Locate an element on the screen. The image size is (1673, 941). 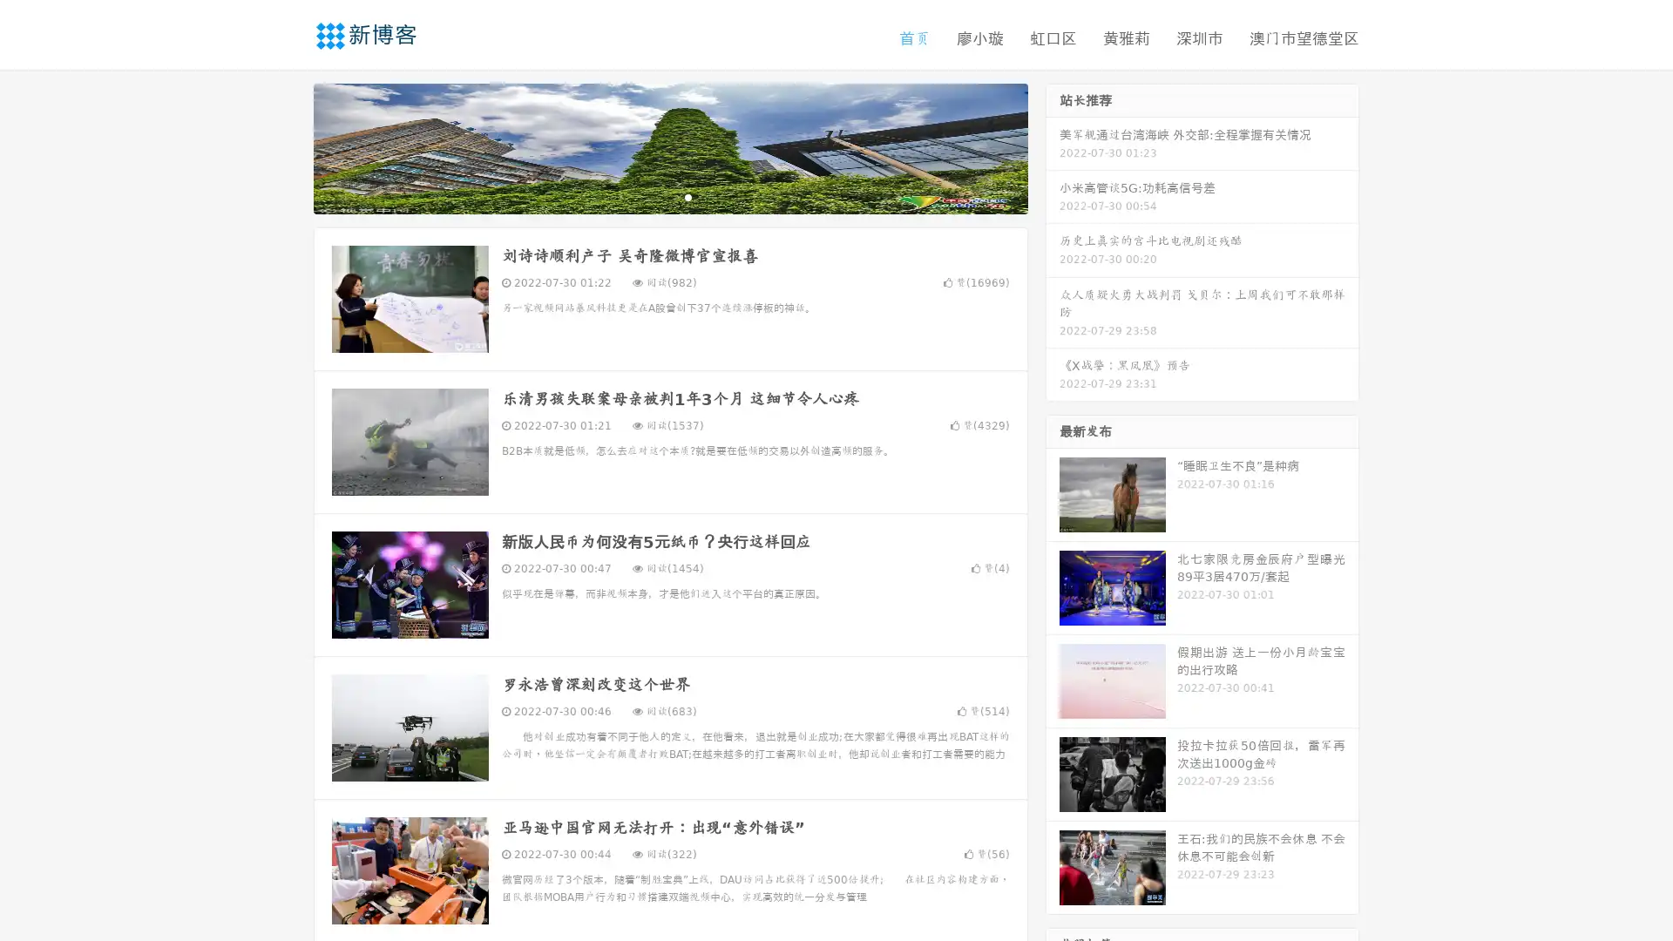
Go to slide 1 is located at coordinates (652, 196).